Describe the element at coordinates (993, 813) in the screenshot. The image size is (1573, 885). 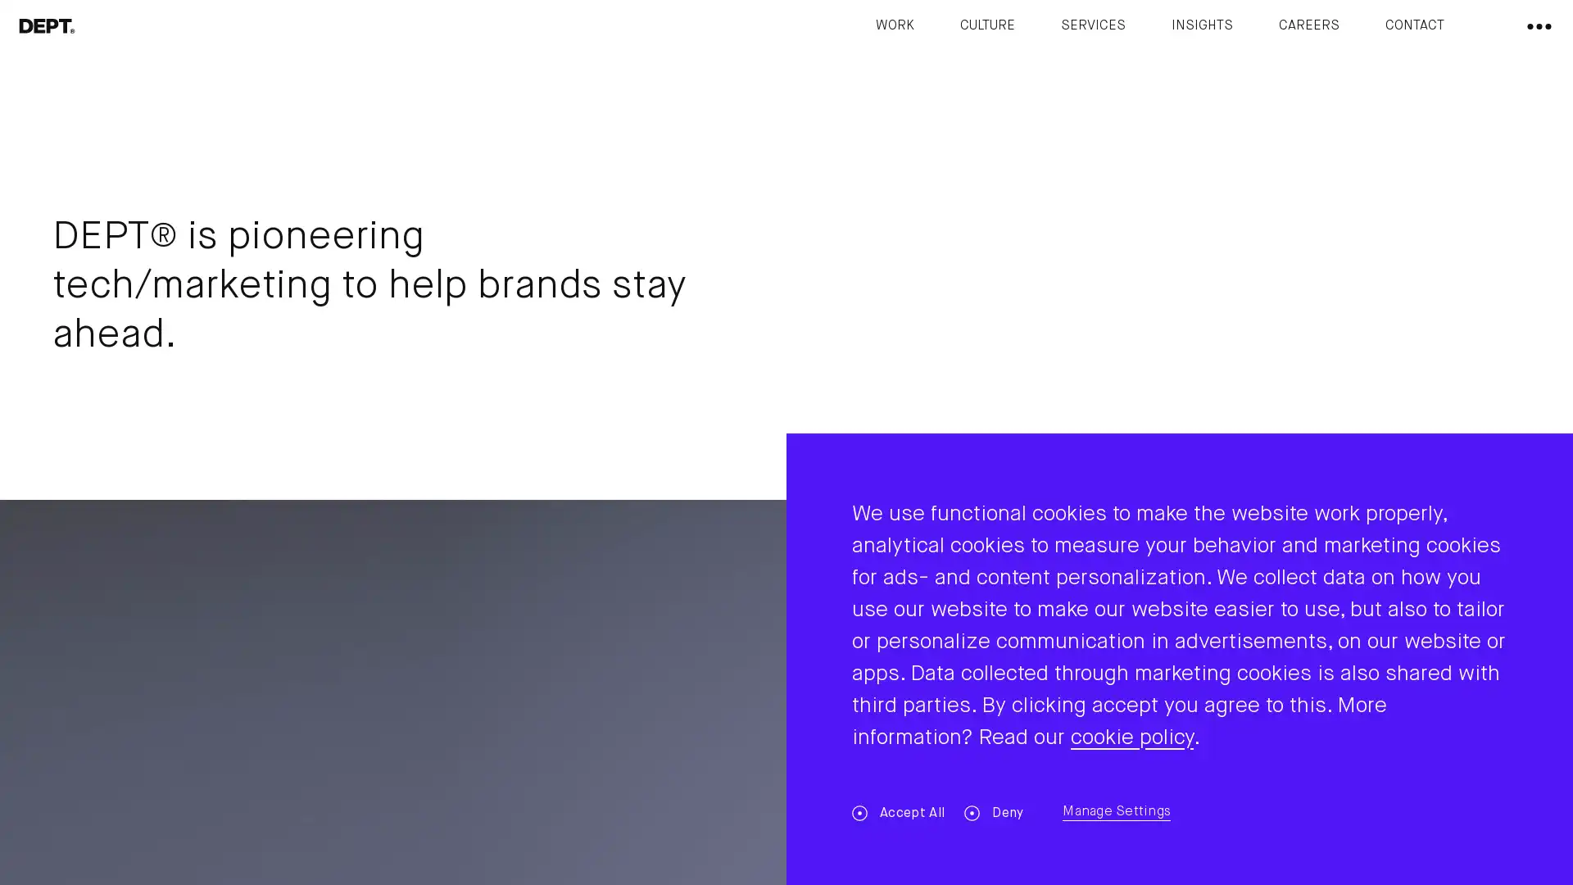
I see `Deny` at that location.